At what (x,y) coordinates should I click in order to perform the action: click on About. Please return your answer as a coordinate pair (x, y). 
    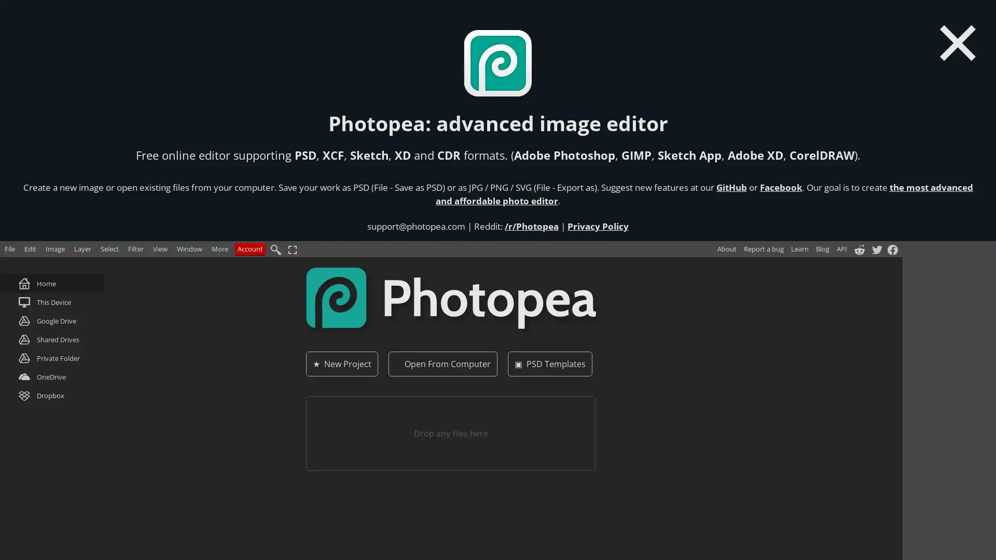
    Looking at the image, I should click on (726, 8).